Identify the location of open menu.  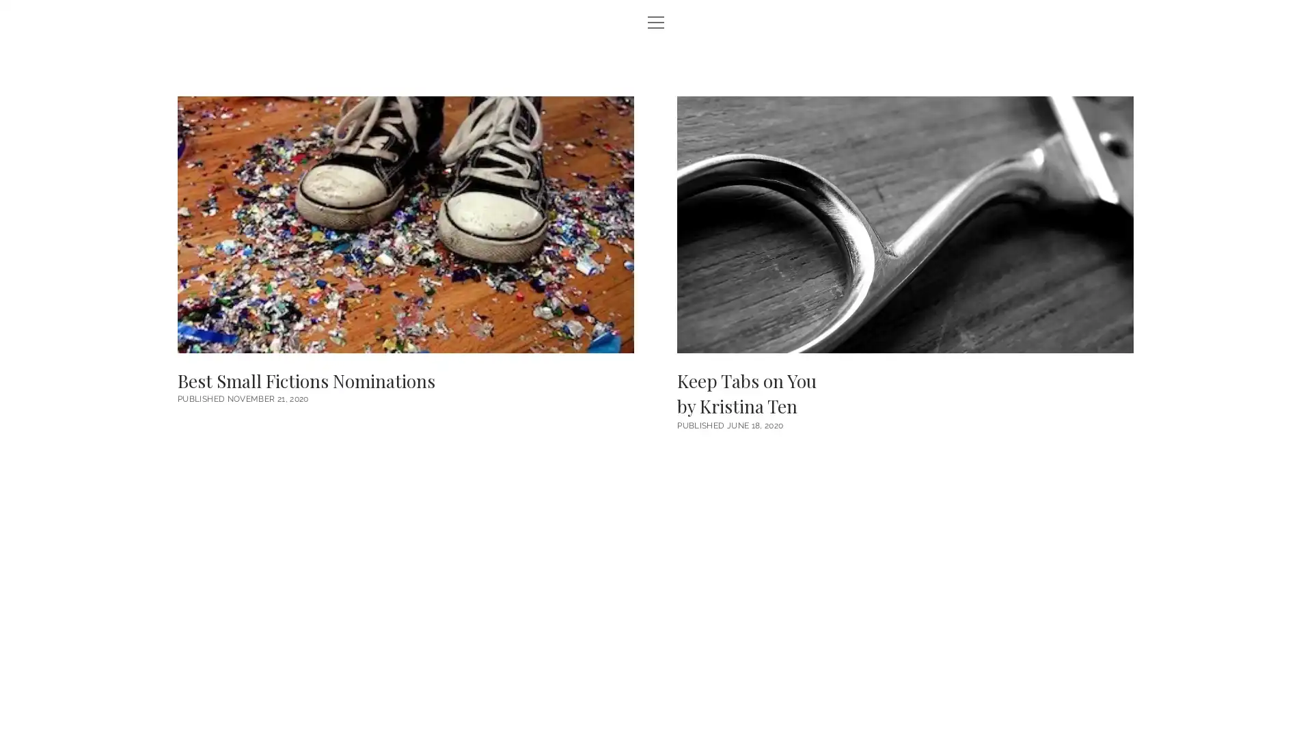
(656, 23).